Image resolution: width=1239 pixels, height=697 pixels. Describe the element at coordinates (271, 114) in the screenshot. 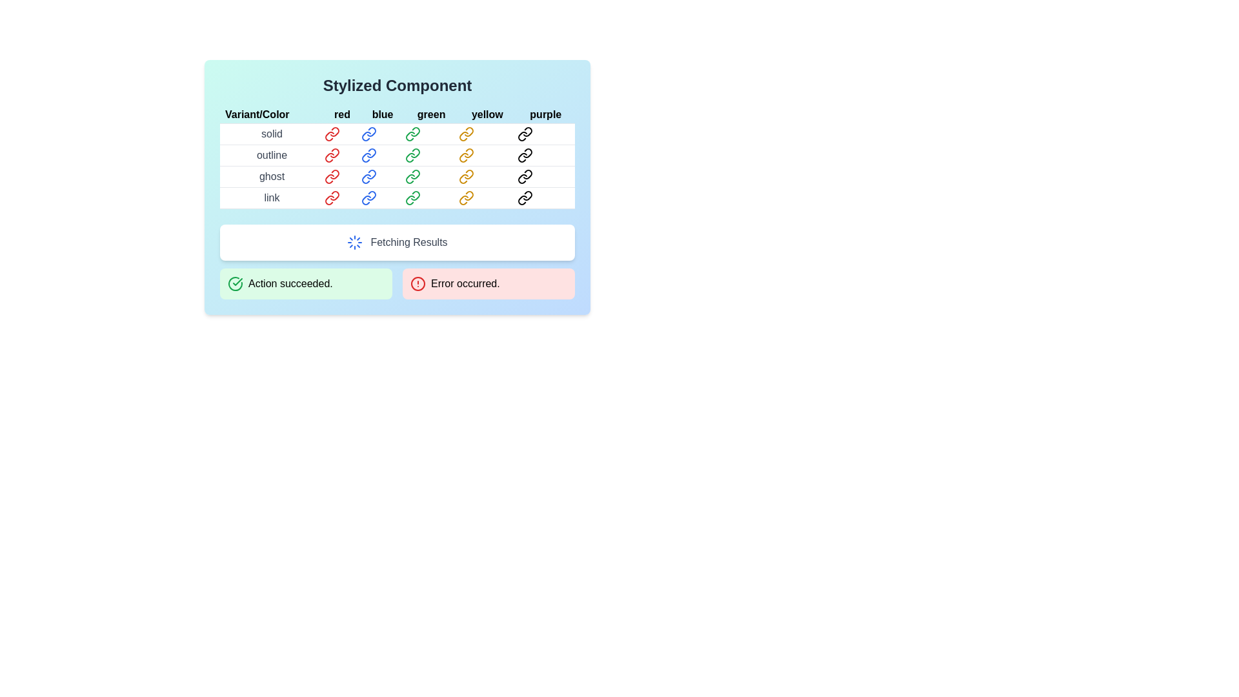

I see `the descriptive label located at the top-left corner of the table that categorizes color variants, positioned above the color options 'red', 'blue', 'green', 'yellow', and 'purple'` at that location.